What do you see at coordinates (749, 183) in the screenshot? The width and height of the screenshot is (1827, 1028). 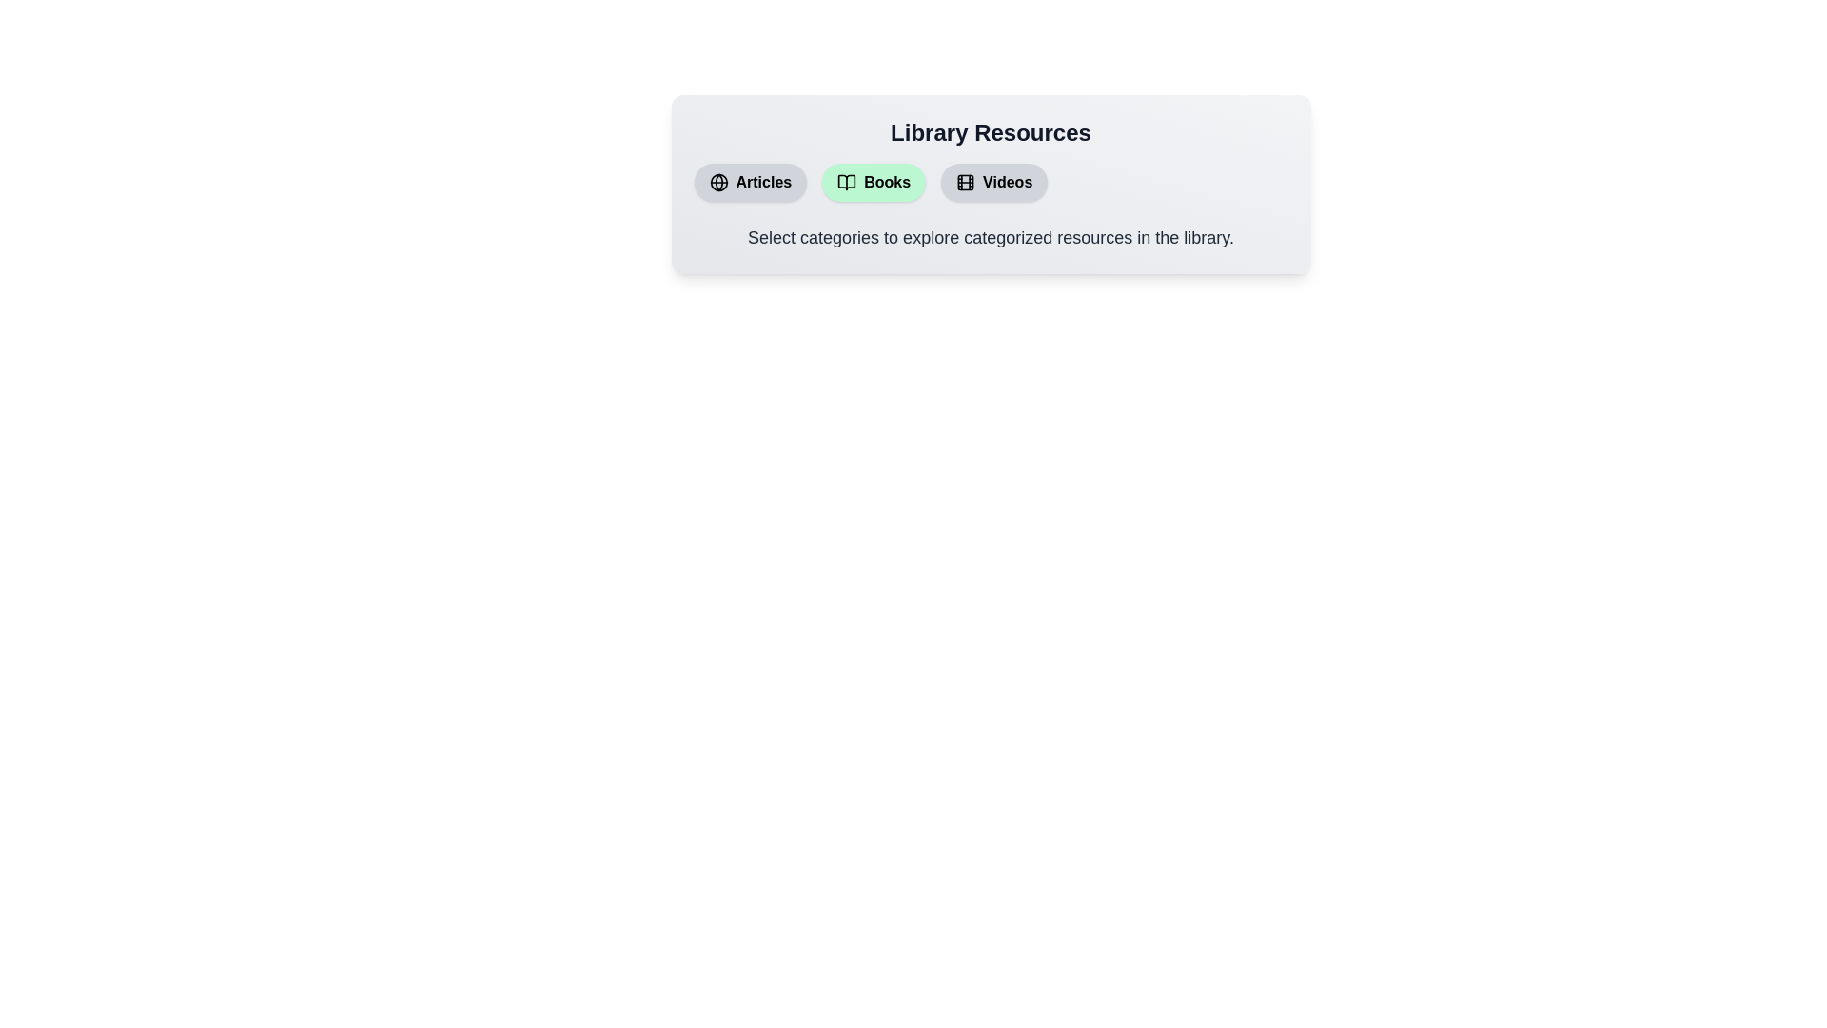 I see `the 'Articles' button to toggle its active state` at bounding box center [749, 183].